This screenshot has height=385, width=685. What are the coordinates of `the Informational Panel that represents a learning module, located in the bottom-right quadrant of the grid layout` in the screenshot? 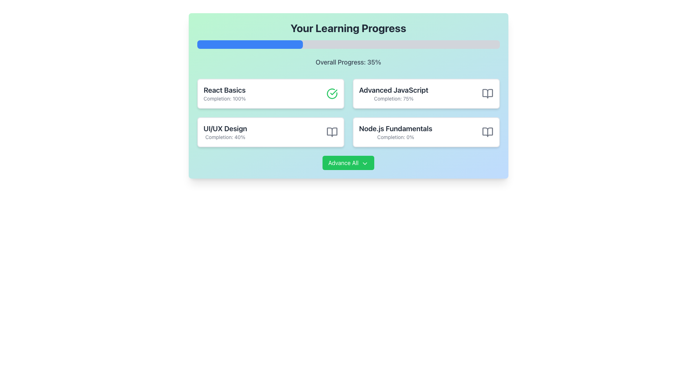 It's located at (426, 132).